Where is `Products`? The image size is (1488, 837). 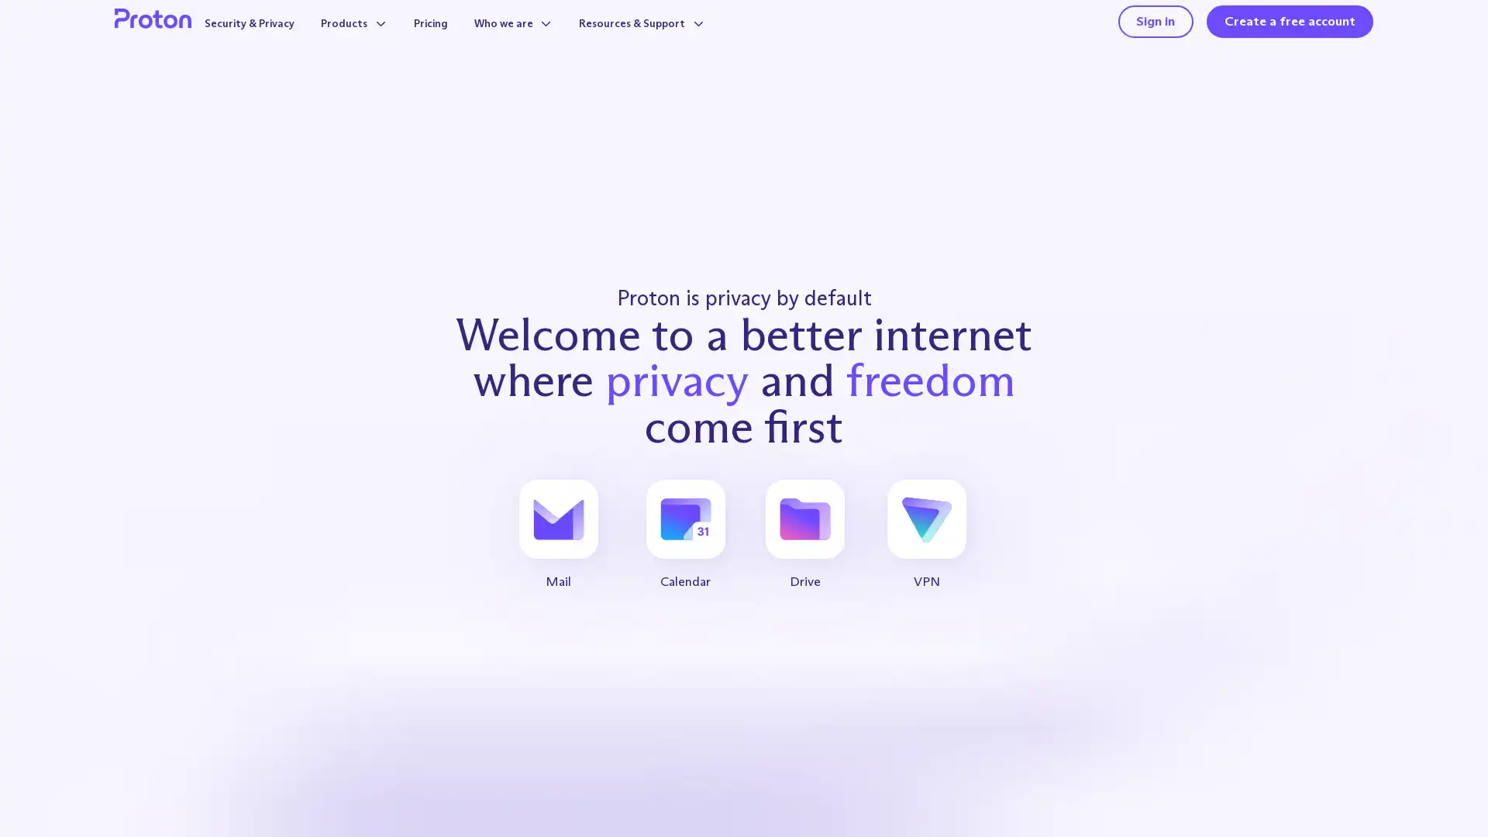 Products is located at coordinates (351, 40).